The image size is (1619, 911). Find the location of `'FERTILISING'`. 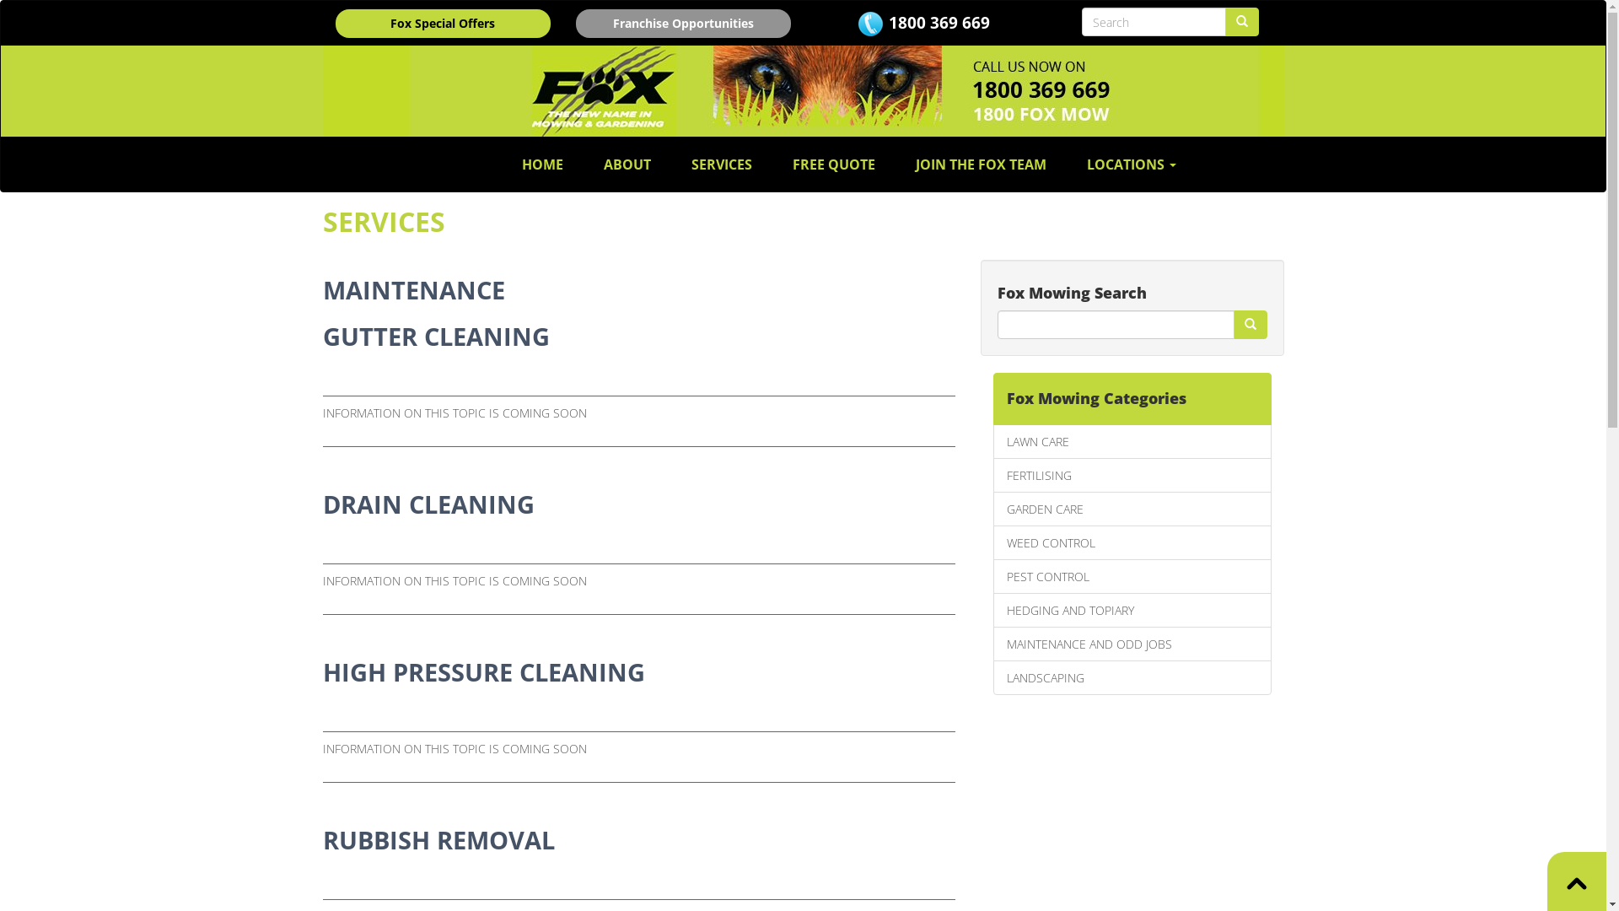

'FERTILISING' is located at coordinates (1132, 475).